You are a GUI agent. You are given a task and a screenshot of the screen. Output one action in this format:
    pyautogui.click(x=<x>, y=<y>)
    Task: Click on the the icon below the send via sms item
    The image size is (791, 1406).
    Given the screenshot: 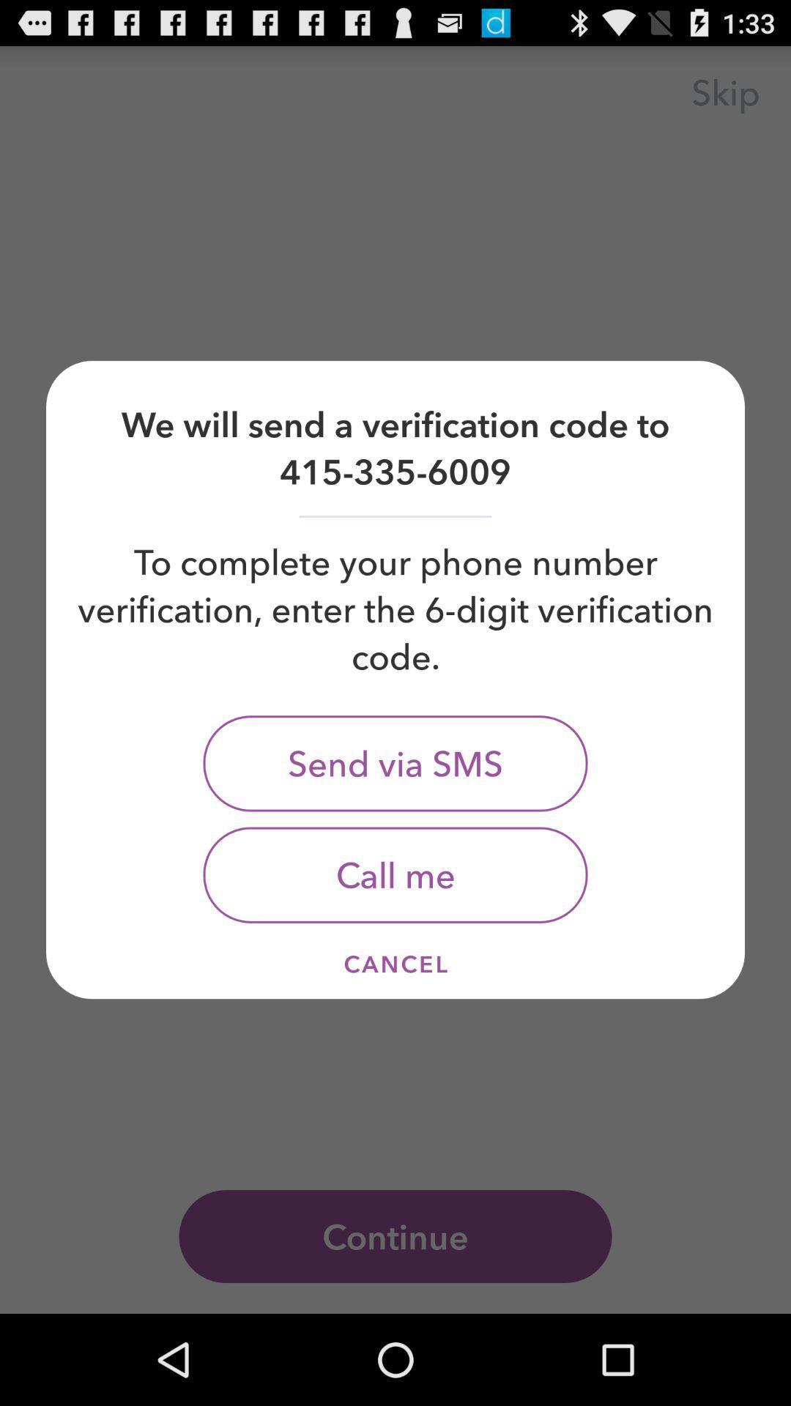 What is the action you would take?
    pyautogui.click(x=395, y=875)
    